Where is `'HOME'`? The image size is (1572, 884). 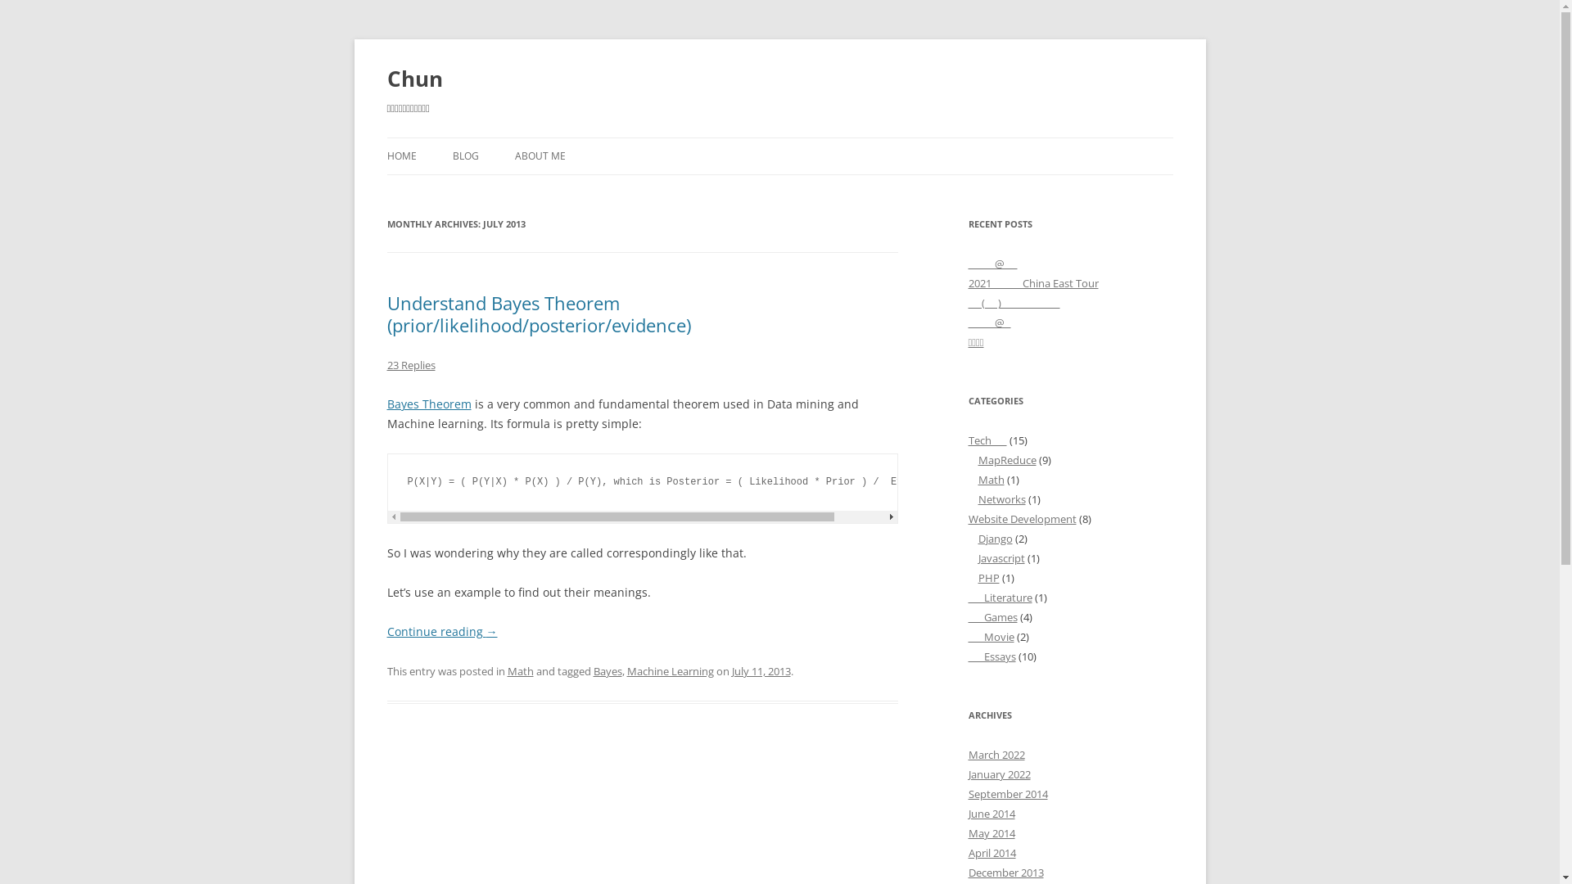
'HOME' is located at coordinates (385, 156).